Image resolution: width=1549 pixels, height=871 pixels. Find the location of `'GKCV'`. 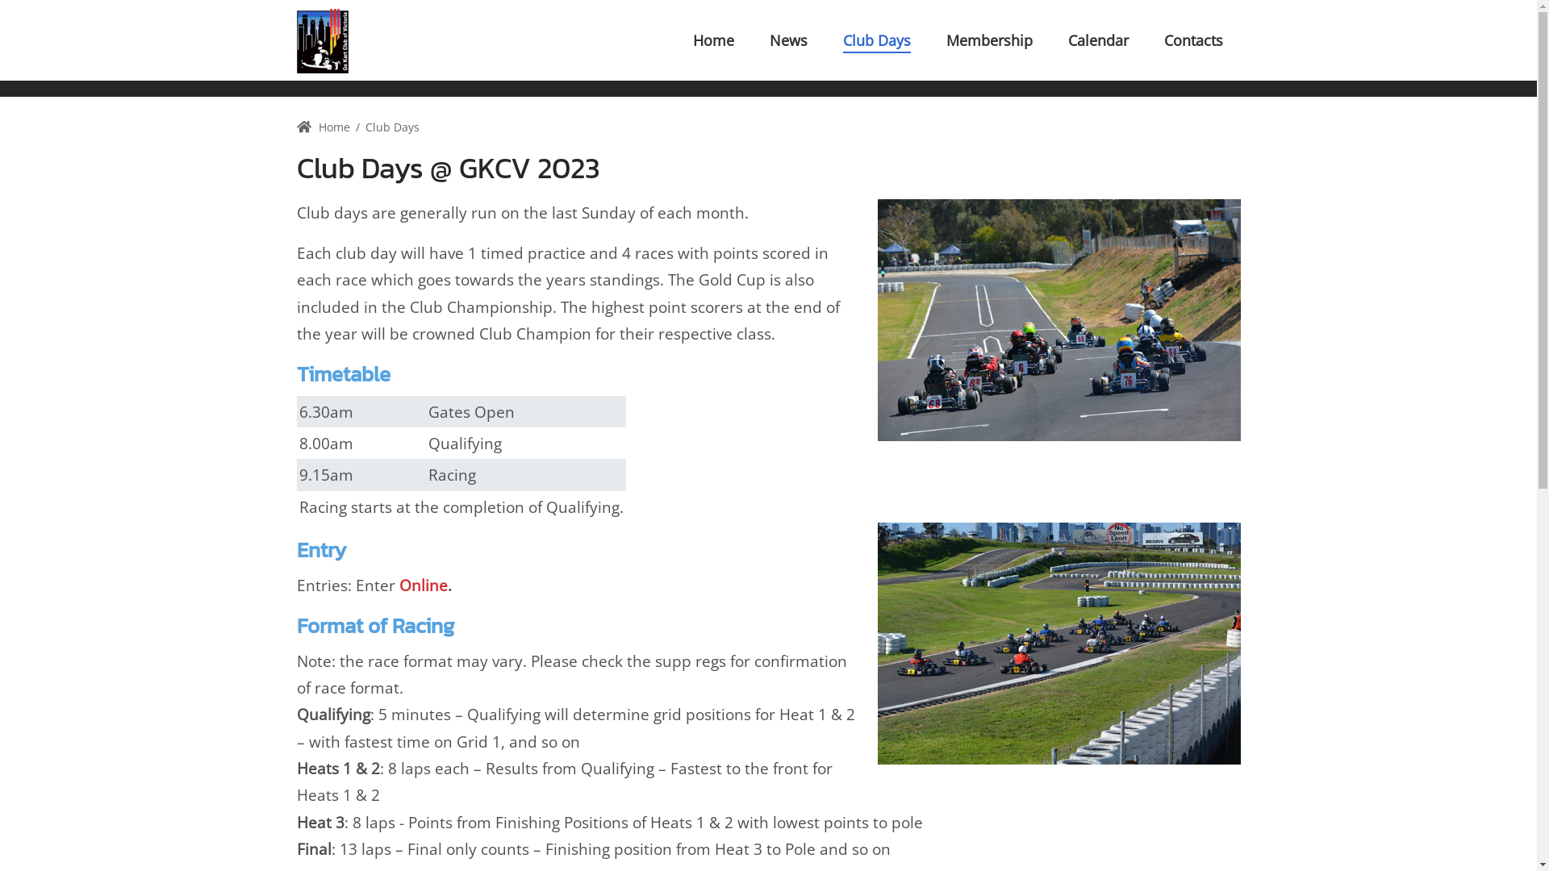

'GKCV' is located at coordinates (322, 40).